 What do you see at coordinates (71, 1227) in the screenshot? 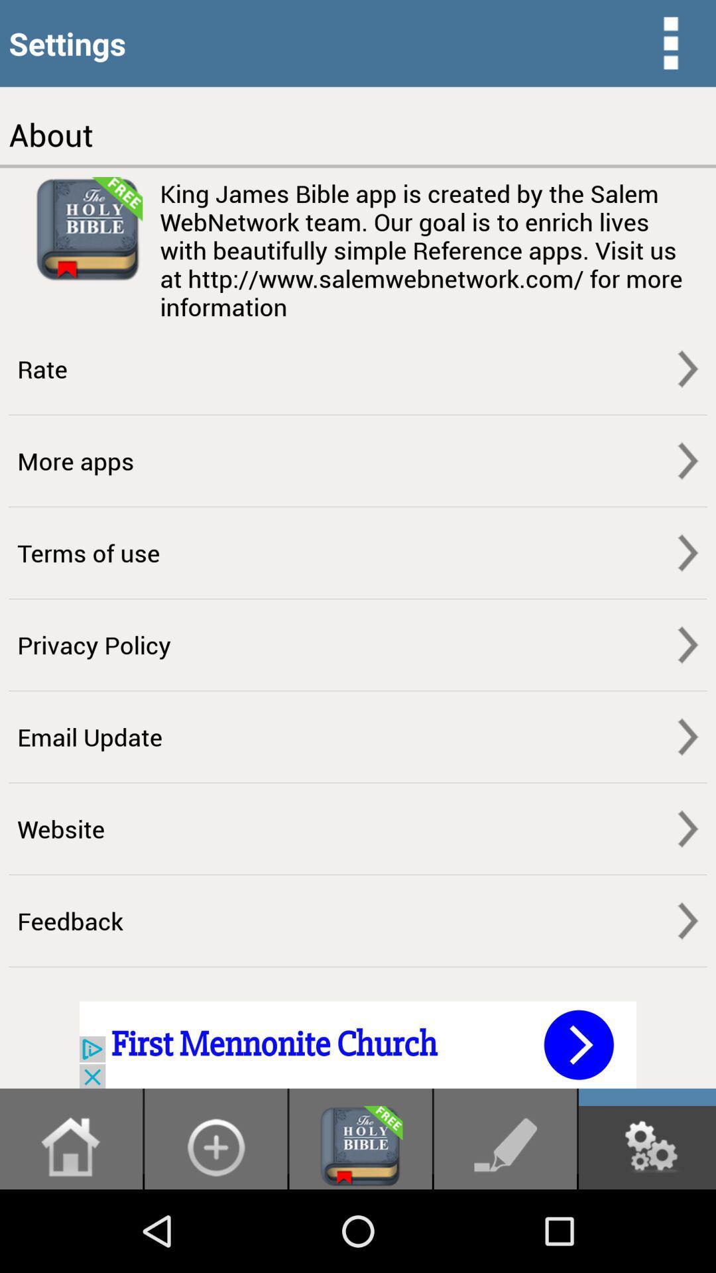
I see `the home icon` at bounding box center [71, 1227].